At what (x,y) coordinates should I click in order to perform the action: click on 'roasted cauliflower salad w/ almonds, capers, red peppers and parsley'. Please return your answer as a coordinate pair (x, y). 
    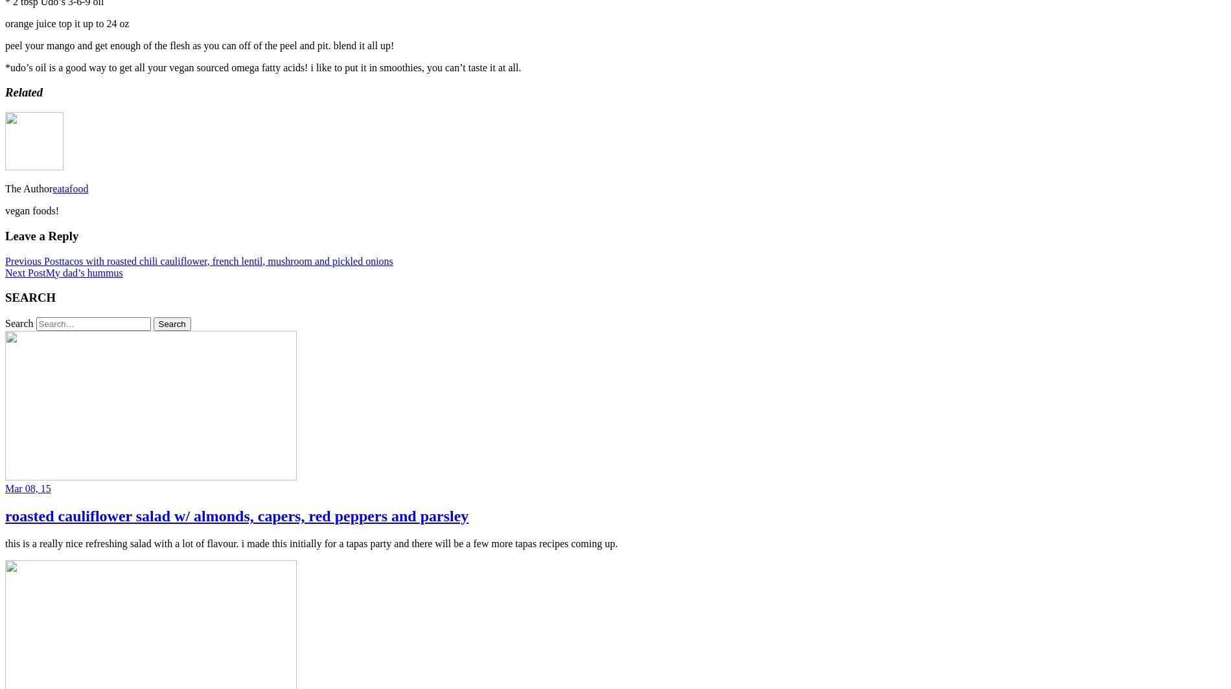
    Looking at the image, I should click on (5, 515).